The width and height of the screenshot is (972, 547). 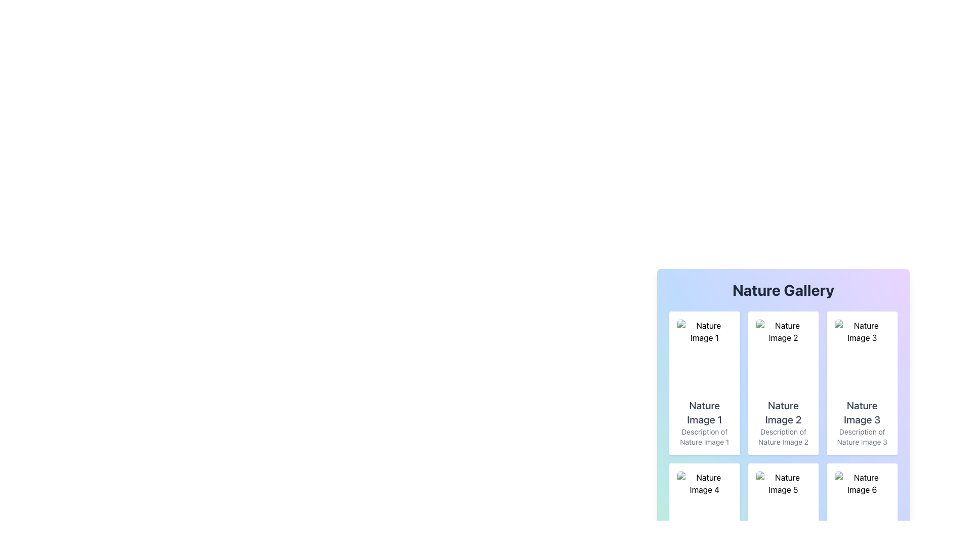 What do you see at coordinates (862, 412) in the screenshot?
I see `text label displaying 'Nature Image 3', which is bold, slightly larger, and centered in dark gray, located in the Nature Gallery section` at bounding box center [862, 412].